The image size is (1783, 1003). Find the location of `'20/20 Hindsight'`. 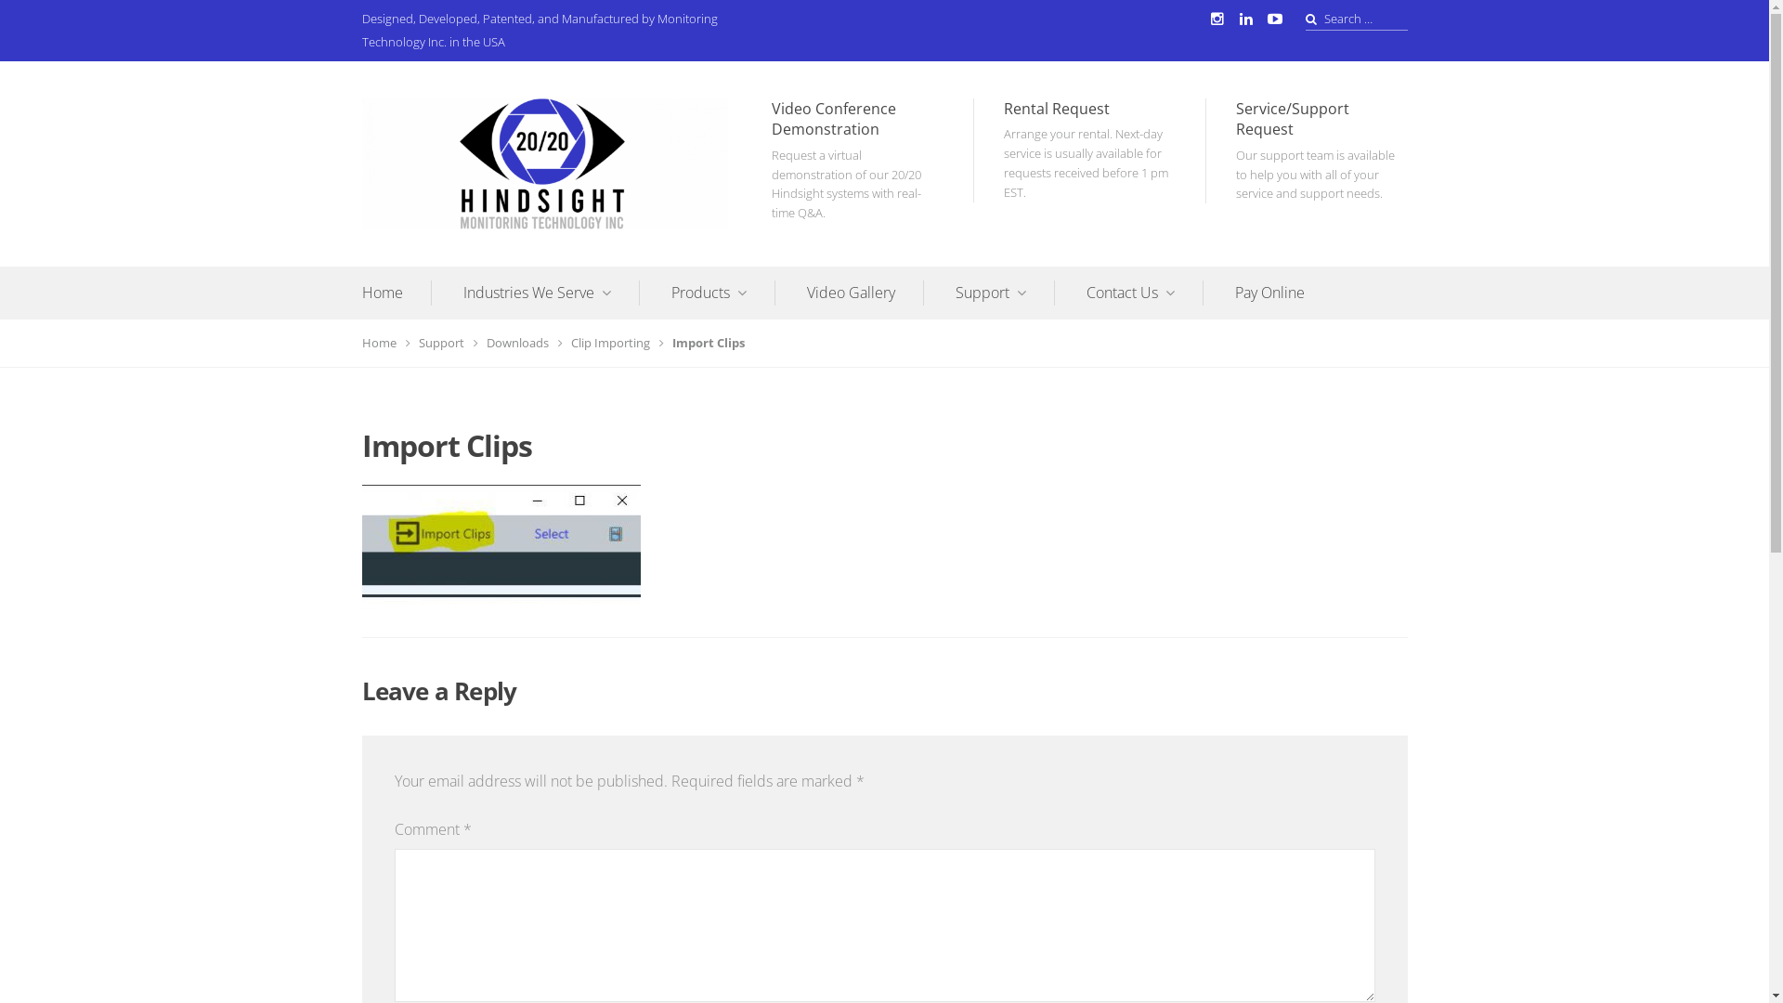

'20/20 Hindsight' is located at coordinates (450, 242).